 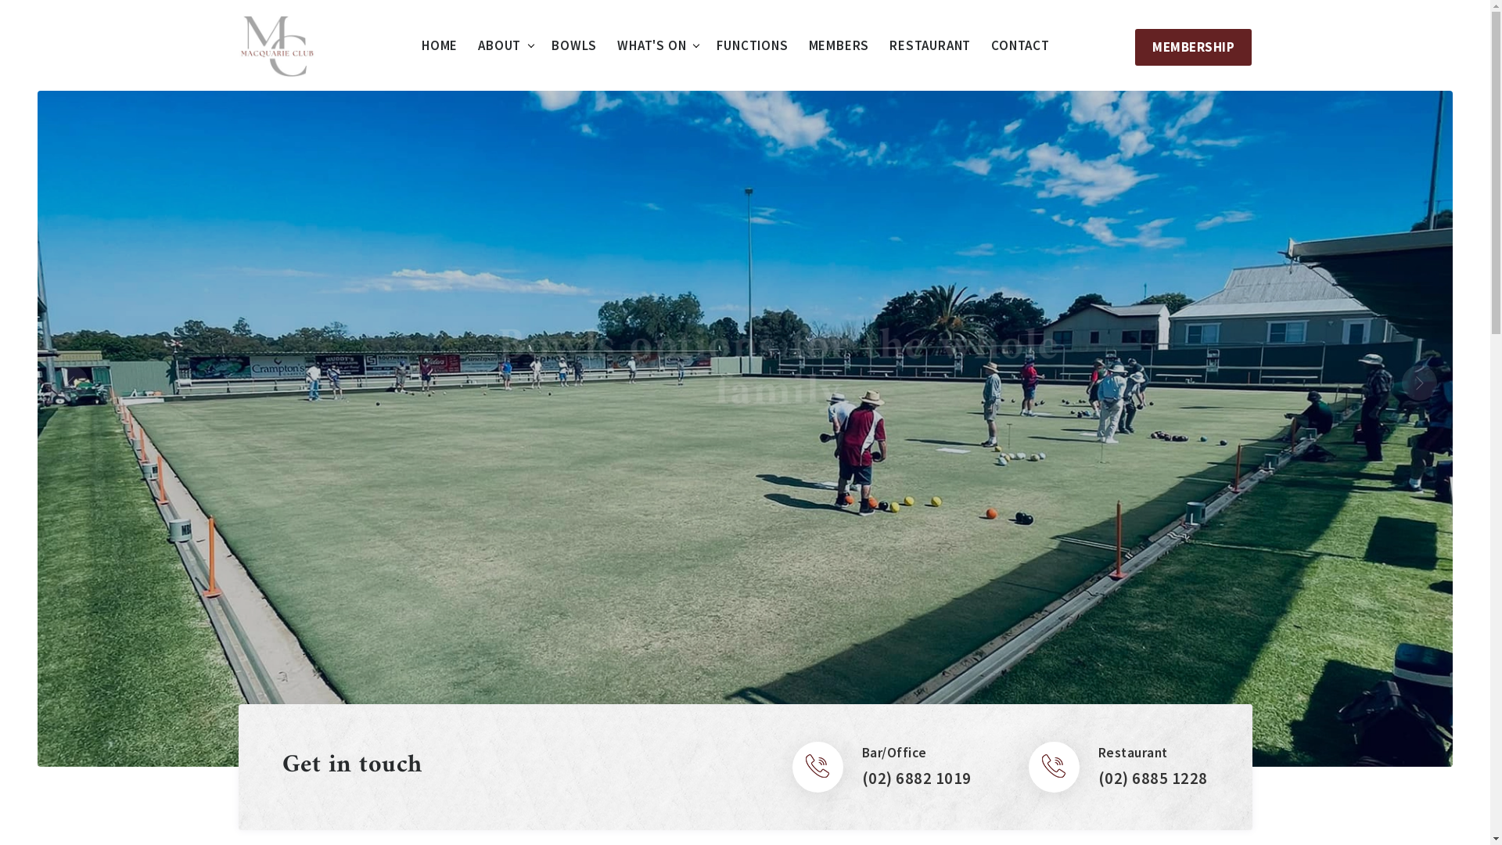 I want to click on 'RESTAURANT', so click(x=930, y=45).